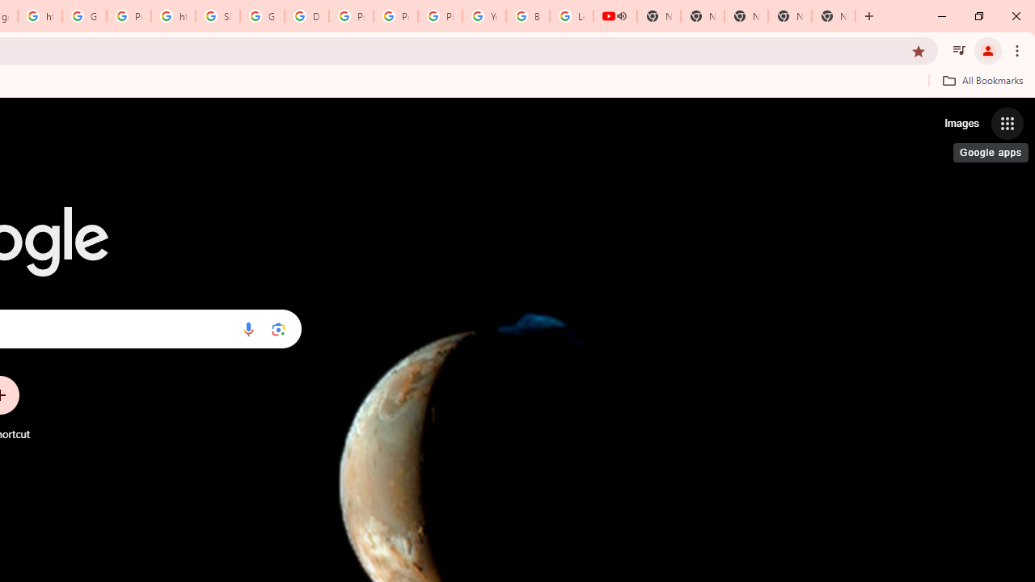  I want to click on 'Privacy Help Center - Policies Help', so click(350, 16).